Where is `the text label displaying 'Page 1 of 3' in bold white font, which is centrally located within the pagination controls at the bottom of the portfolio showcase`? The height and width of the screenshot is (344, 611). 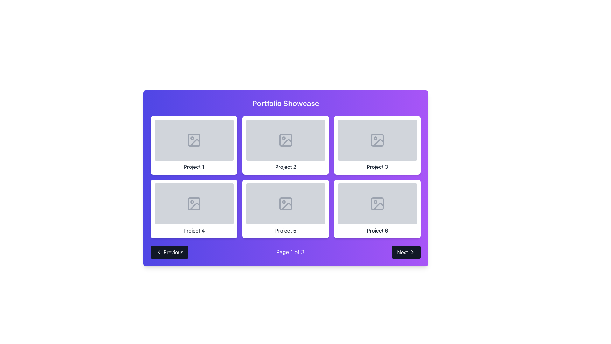
the text label displaying 'Page 1 of 3' in bold white font, which is centrally located within the pagination controls at the bottom of the portfolio showcase is located at coordinates (290, 252).